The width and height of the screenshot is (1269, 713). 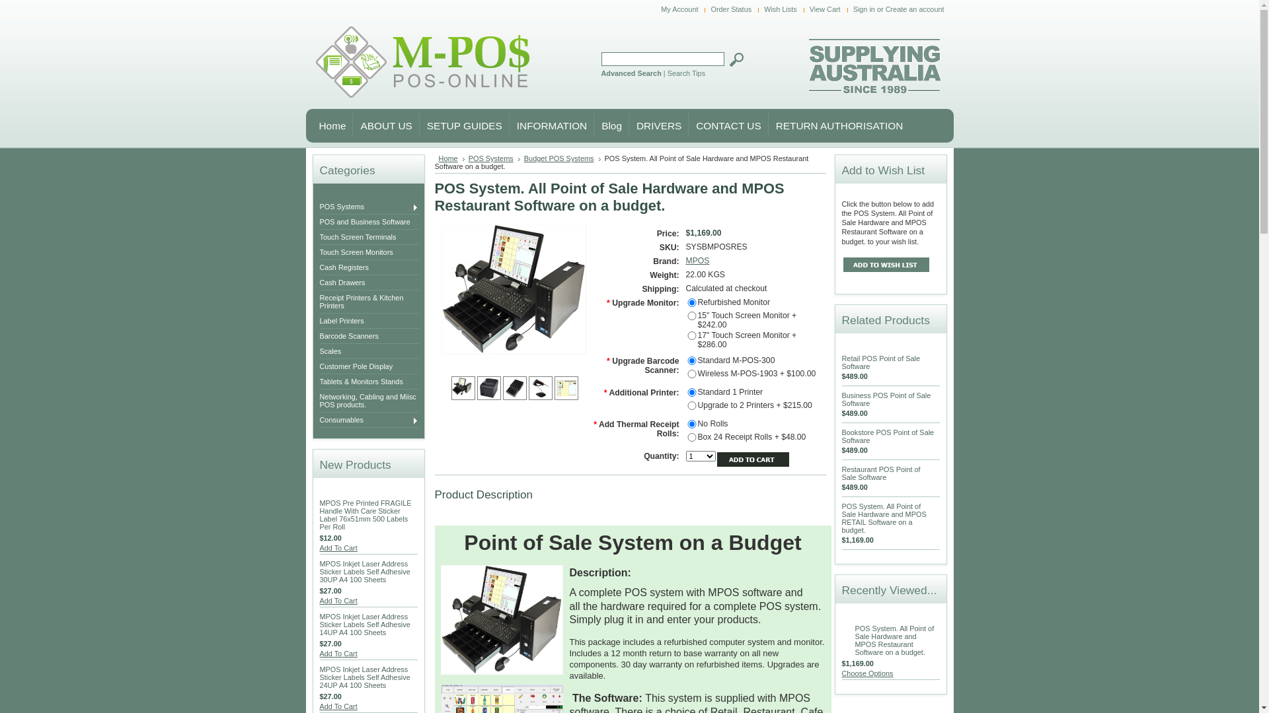 What do you see at coordinates (371, 221) in the screenshot?
I see `'POS and Business Software'` at bounding box center [371, 221].